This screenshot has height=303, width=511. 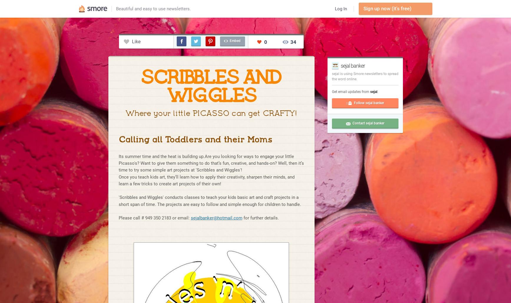 I want to click on 'Contact sejal banker', so click(x=368, y=123).